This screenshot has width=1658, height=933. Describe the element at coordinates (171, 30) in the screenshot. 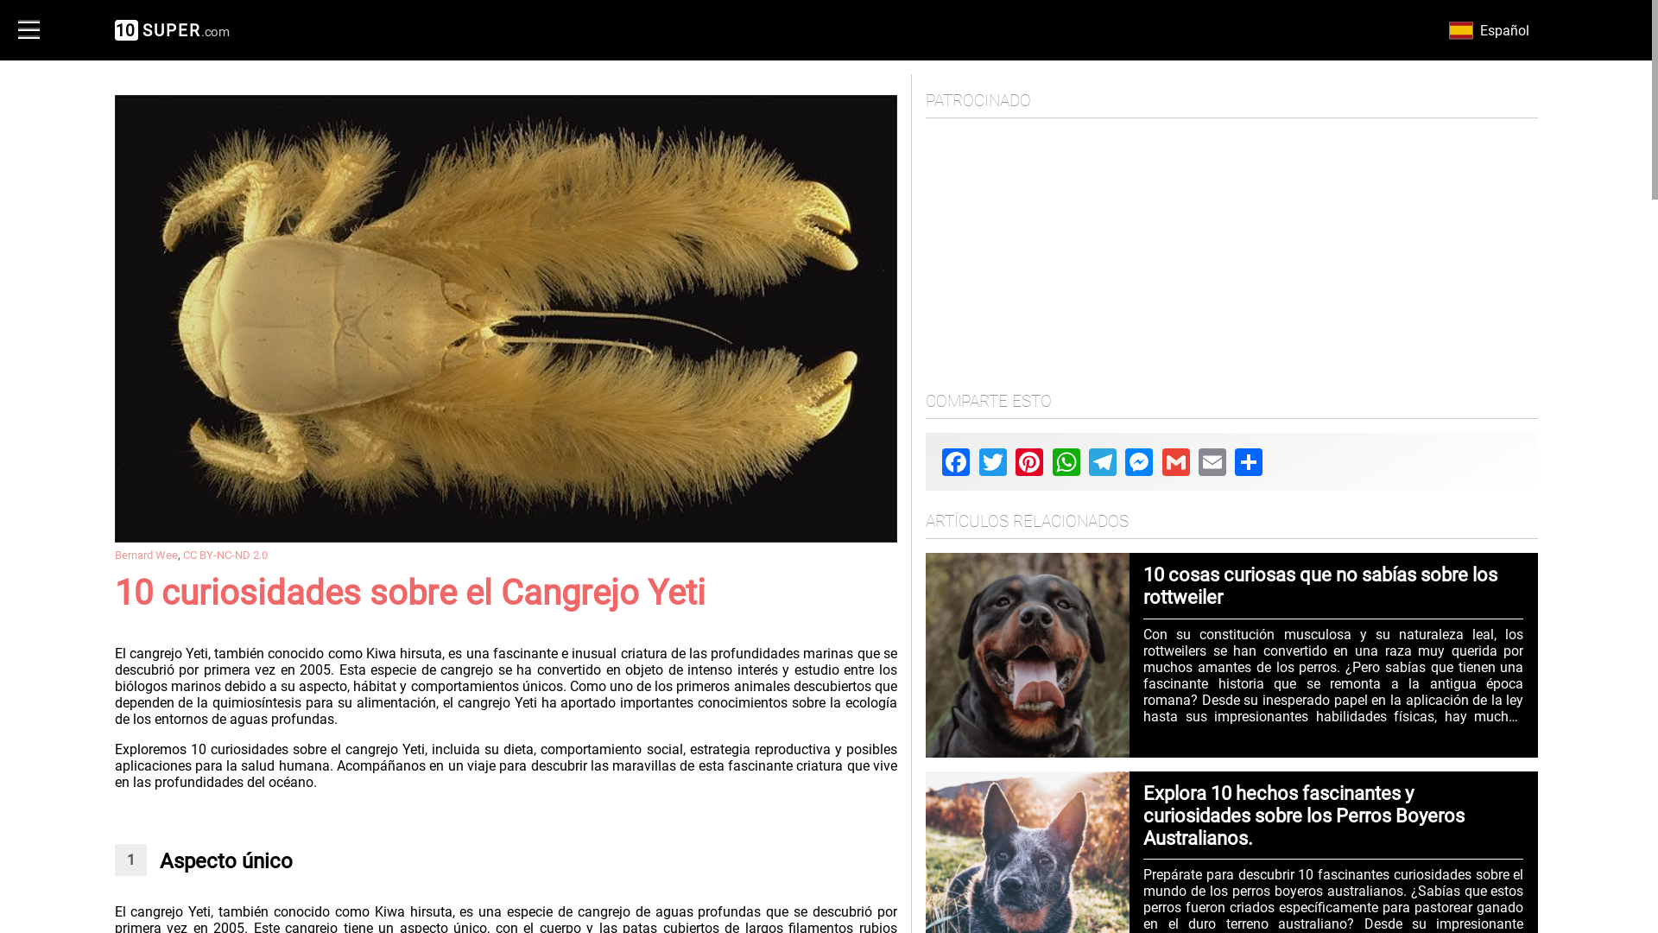

I see `'10SUPER.com'` at that location.